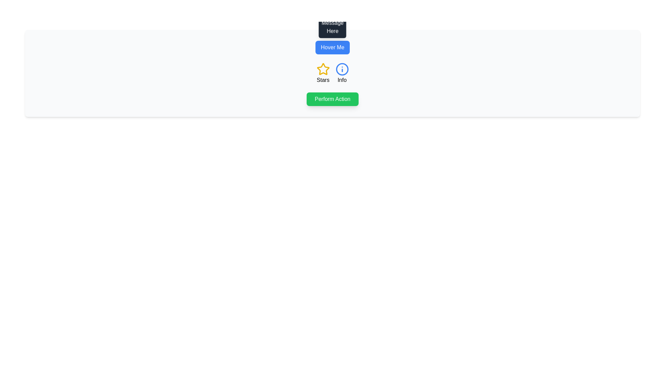 The height and width of the screenshot is (367, 652). Describe the element at coordinates (323, 73) in the screenshot. I see `the non-interactive 'Stars' element, which features a star icon and a label, located in the left column above the 'Perform Action' button` at that location.